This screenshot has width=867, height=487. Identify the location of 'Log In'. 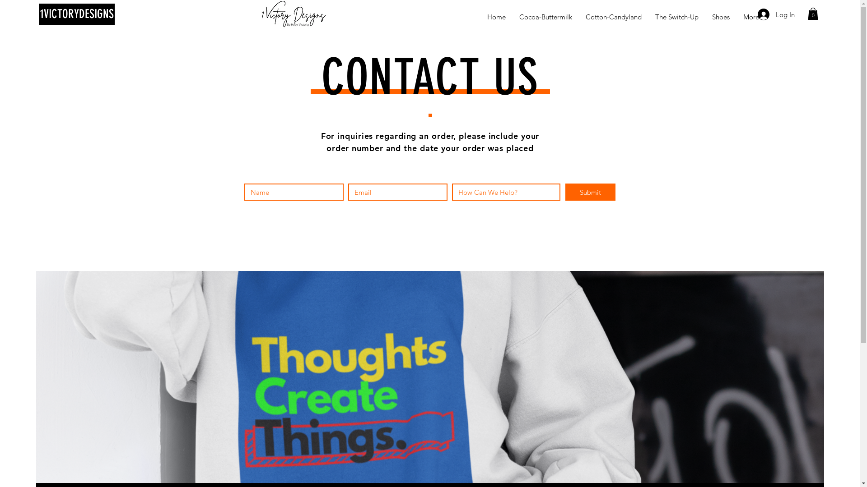
(751, 14).